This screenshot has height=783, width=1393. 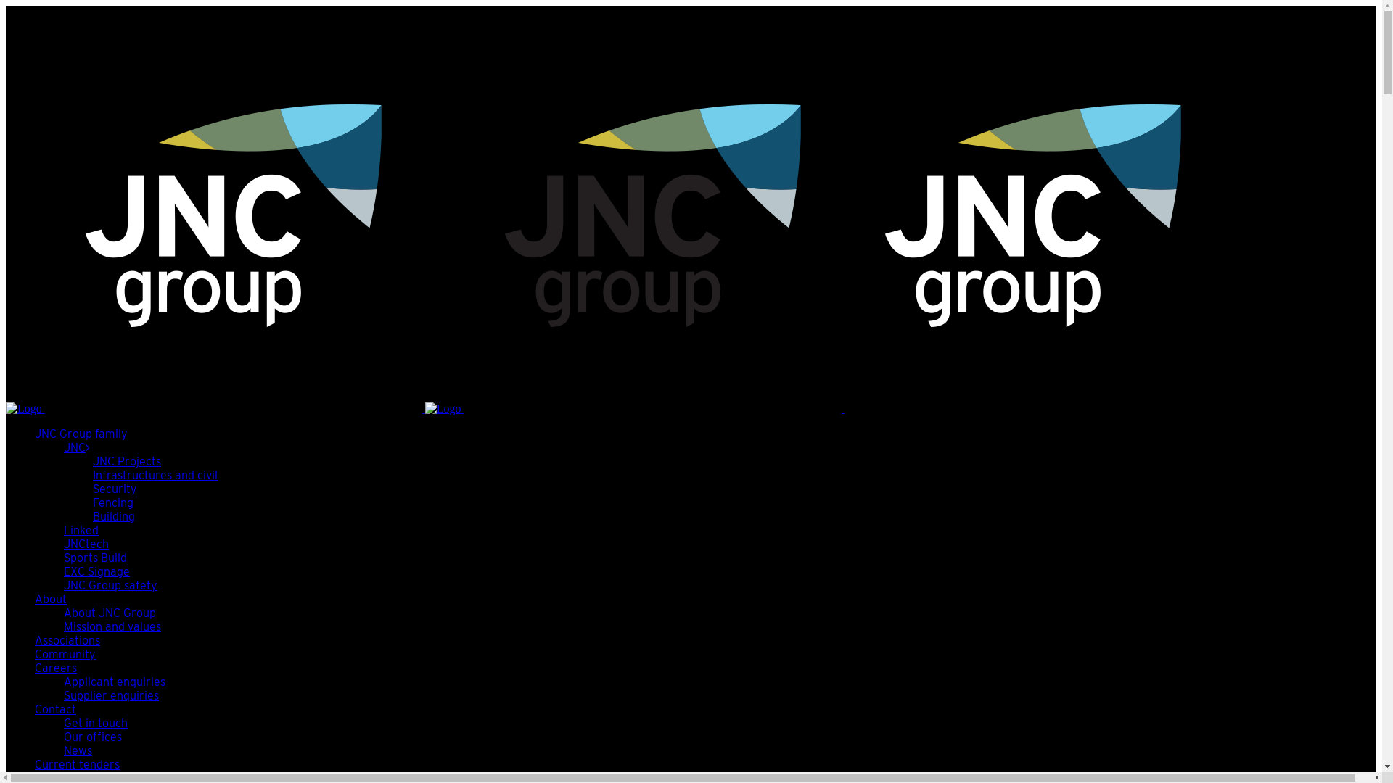 I want to click on 'JNC', so click(x=75, y=447).